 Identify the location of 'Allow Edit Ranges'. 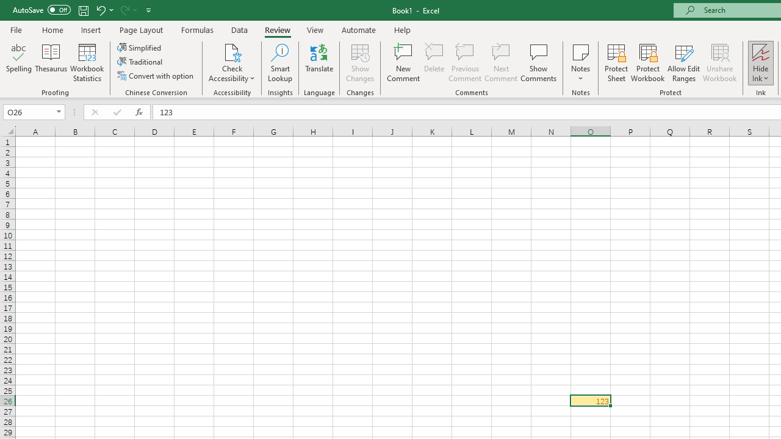
(683, 63).